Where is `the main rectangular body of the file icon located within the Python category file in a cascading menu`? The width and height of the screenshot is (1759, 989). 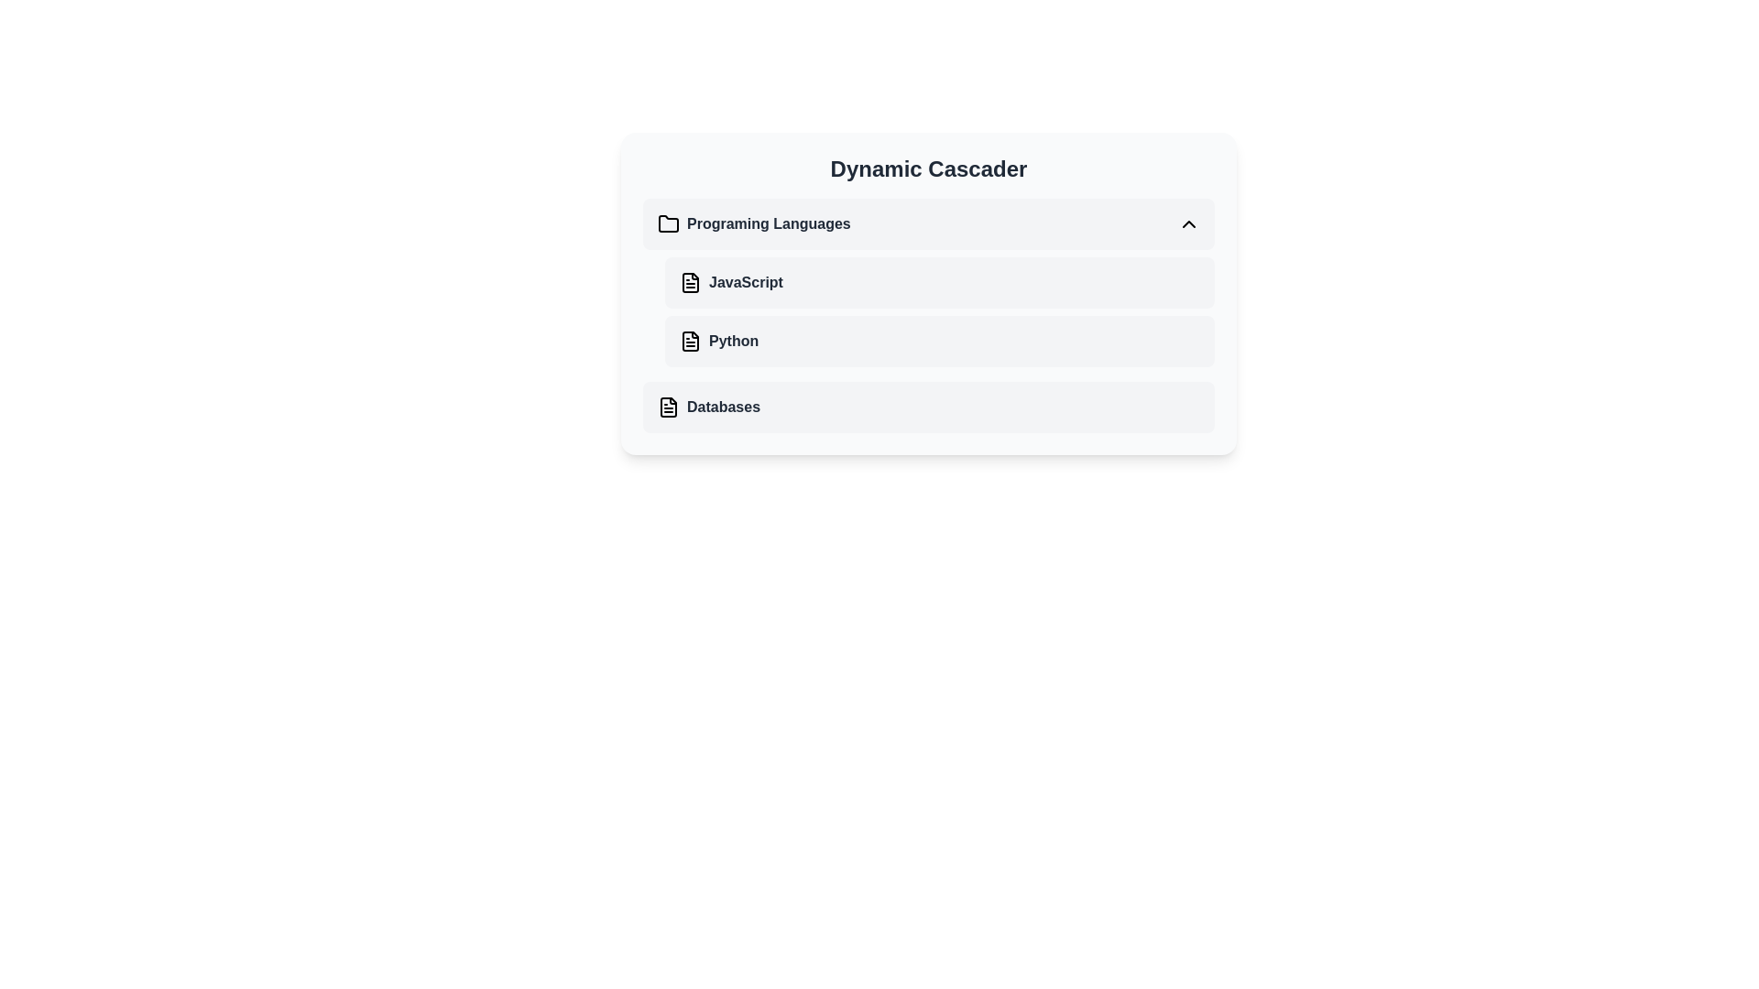
the main rectangular body of the file icon located within the Python category file in a cascading menu is located at coordinates (689, 342).